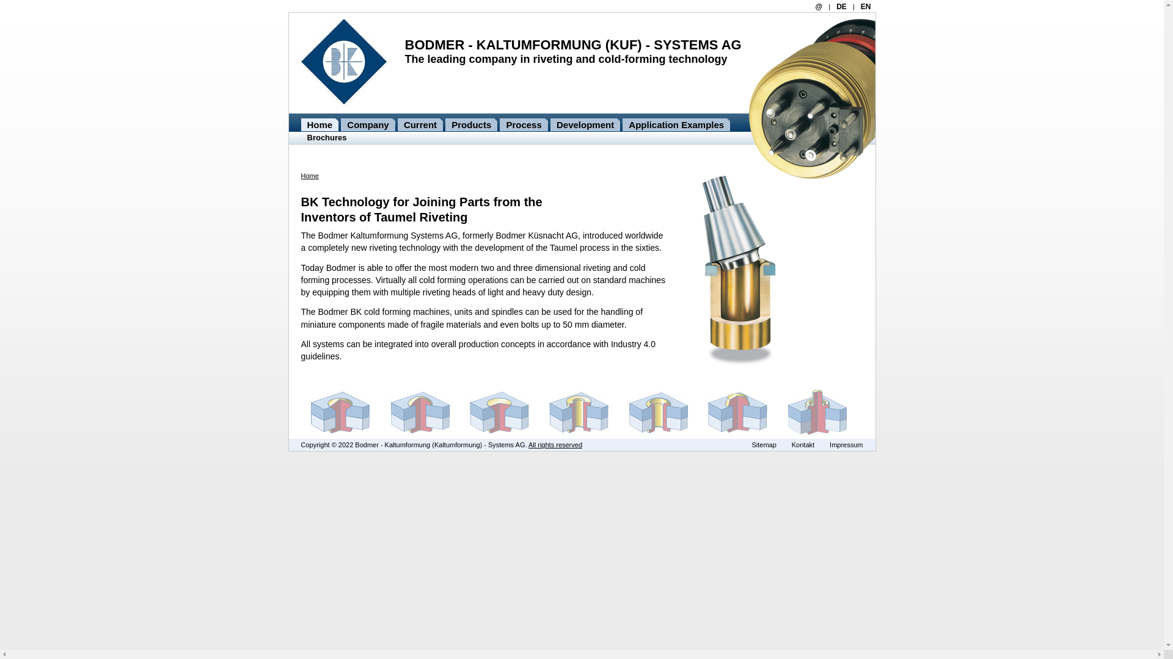 The image size is (1173, 659). I want to click on 'Kontakt', so click(803, 445).